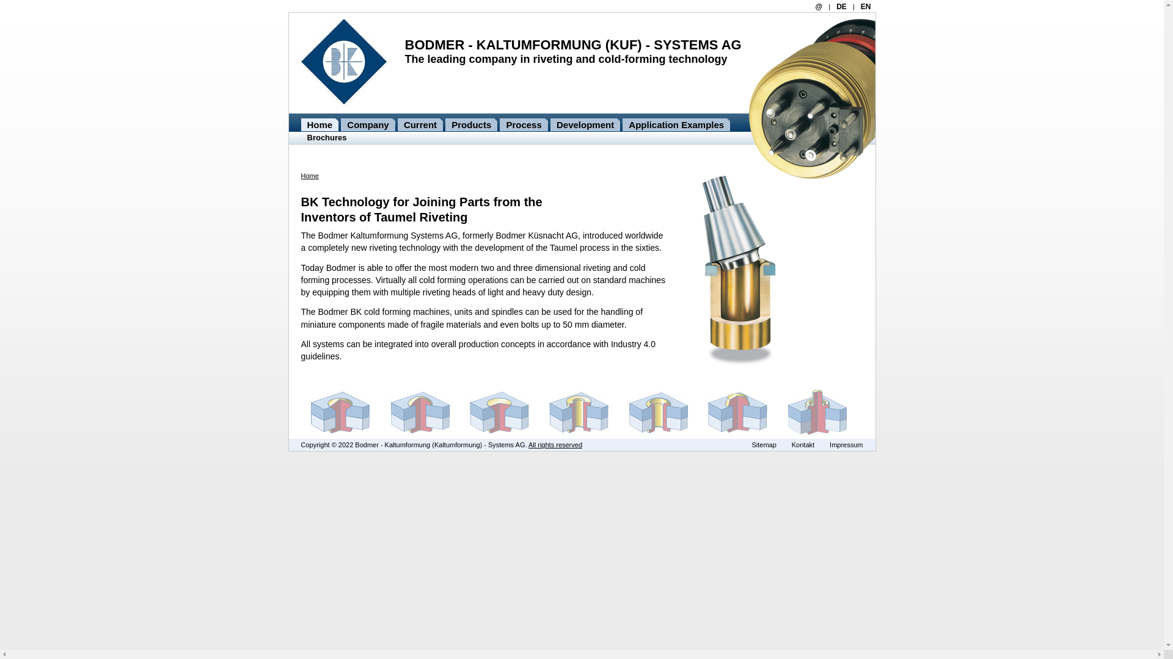 The image size is (1173, 659). I want to click on 'Kontakt', so click(803, 445).